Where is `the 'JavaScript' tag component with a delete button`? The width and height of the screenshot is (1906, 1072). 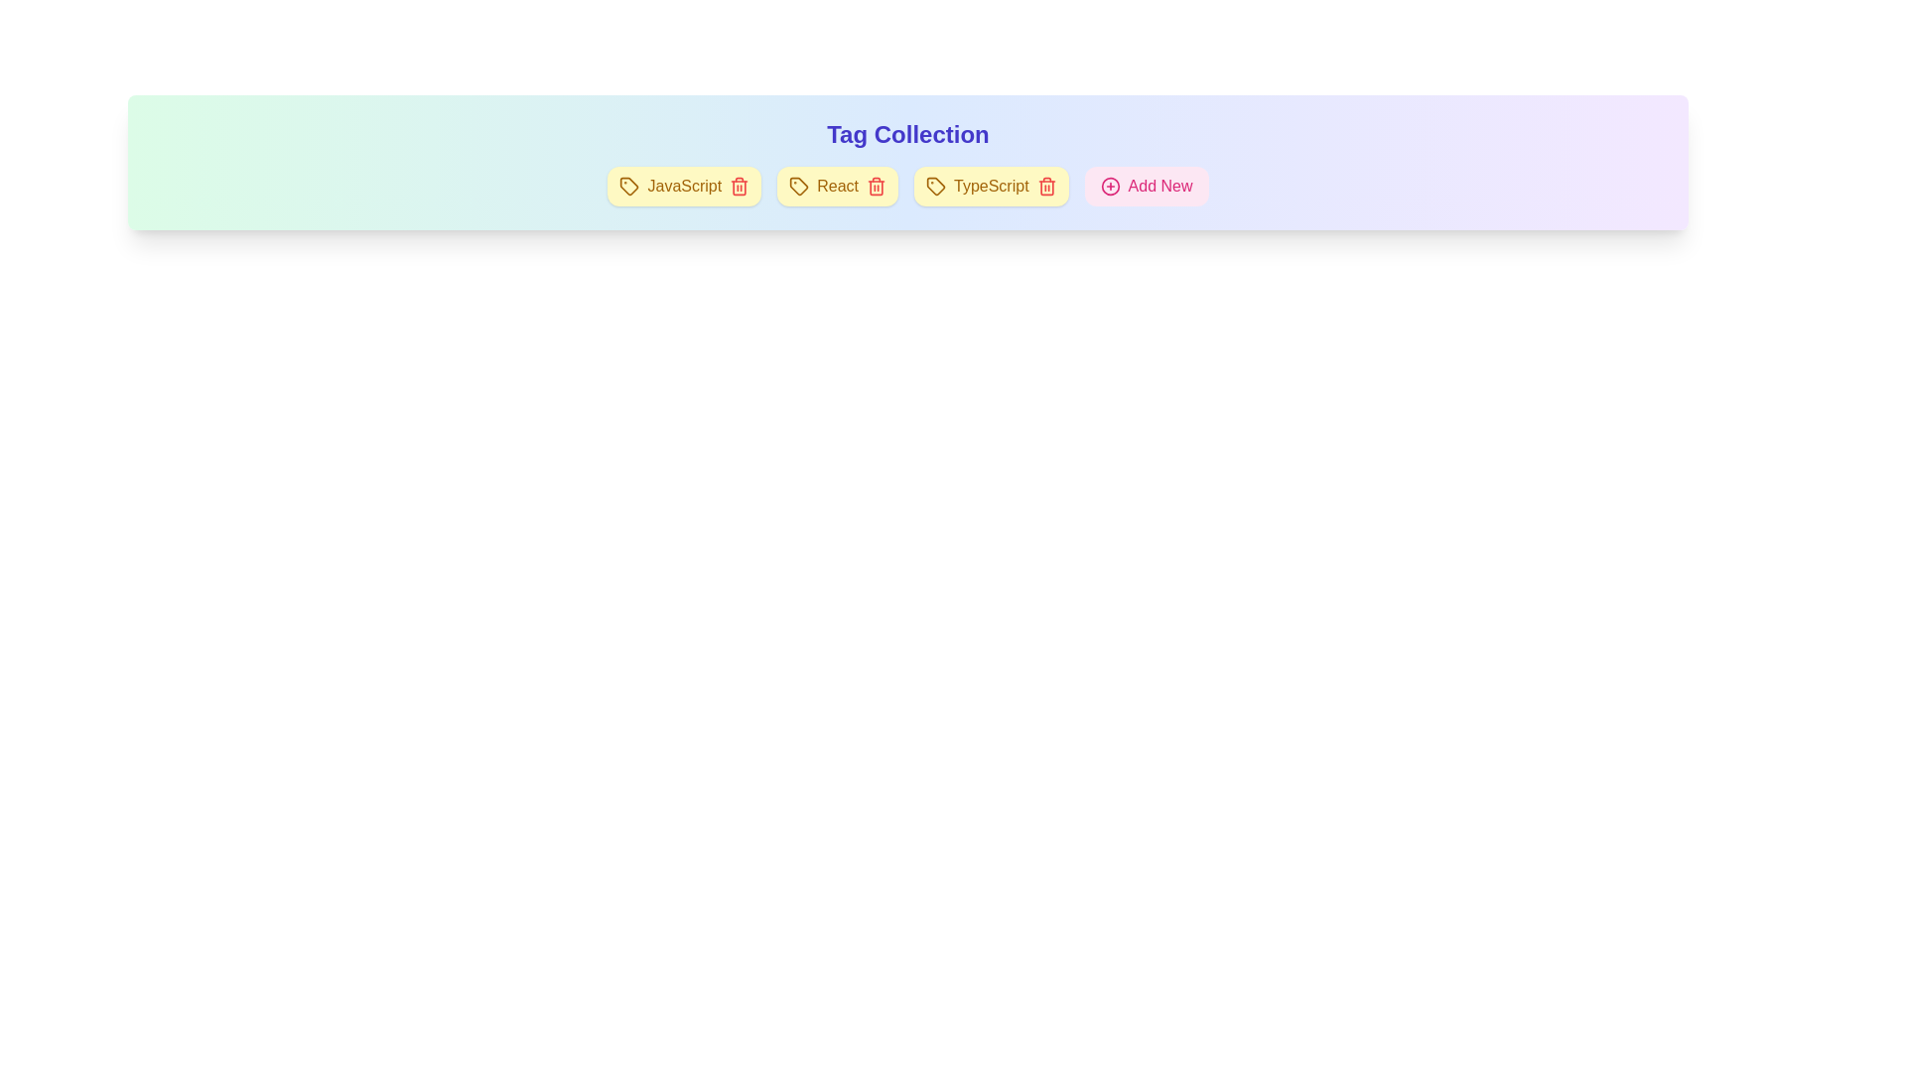
the 'JavaScript' tag component with a delete button is located at coordinates (684, 187).